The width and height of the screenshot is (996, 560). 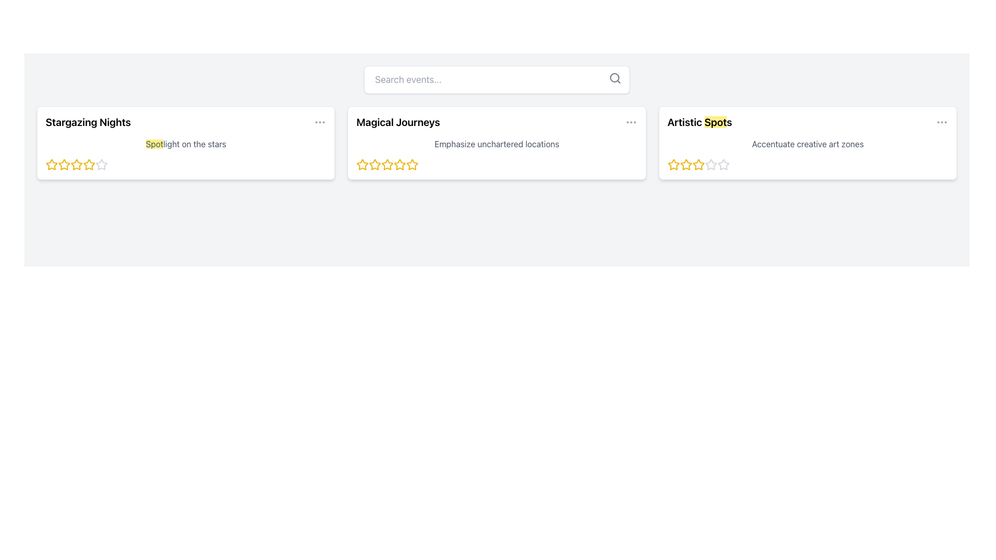 What do you see at coordinates (397, 121) in the screenshot?
I see `the text label that serves as the title or headline of the second card in a row of three cards, located in the main content area` at bounding box center [397, 121].